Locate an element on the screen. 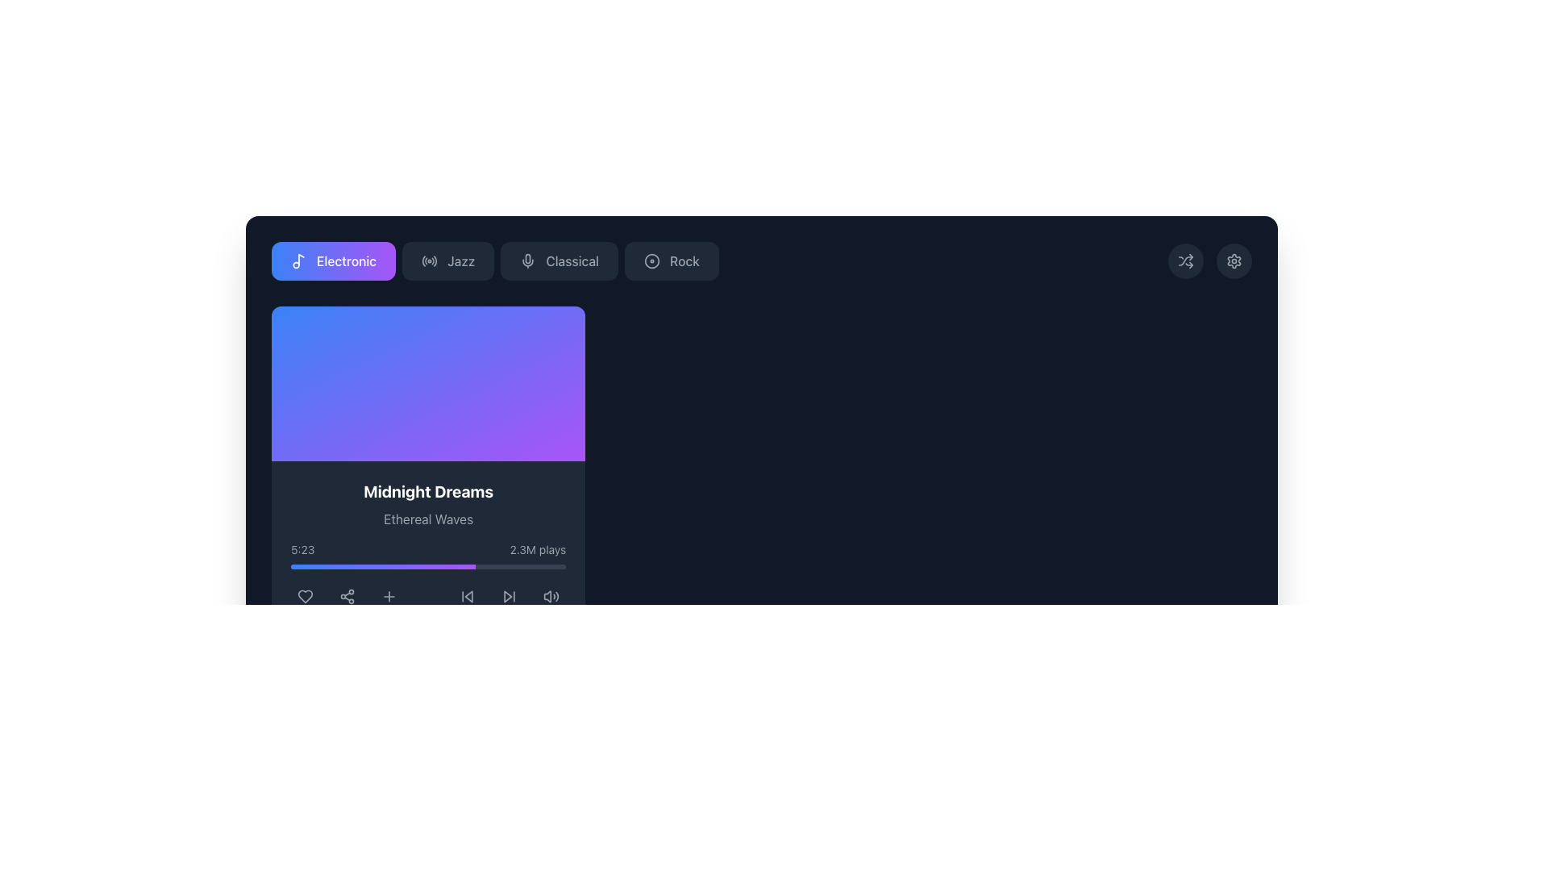 The width and height of the screenshot is (1548, 871). the circular button with a dark gray background and an icon of two interweaving arrows is located at coordinates (1185, 260).